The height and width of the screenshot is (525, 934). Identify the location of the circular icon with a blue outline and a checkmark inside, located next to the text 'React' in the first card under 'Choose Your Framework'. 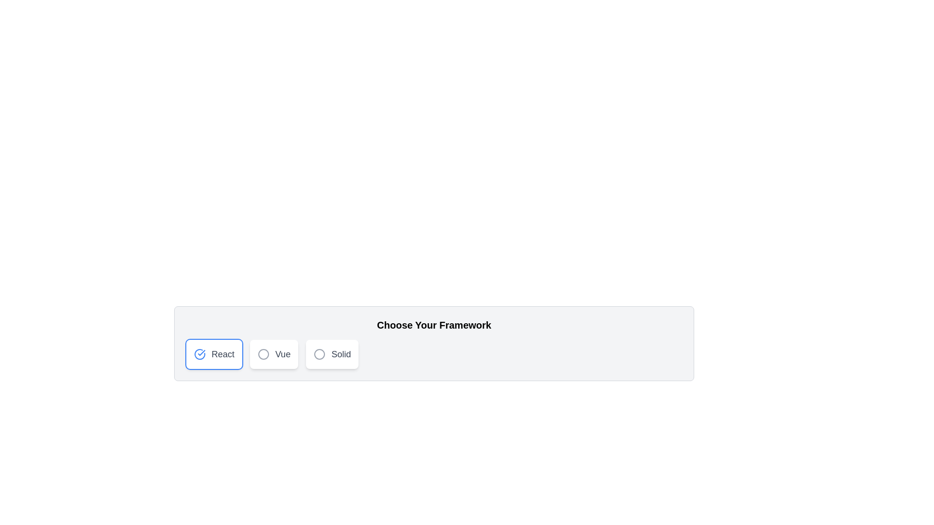
(199, 354).